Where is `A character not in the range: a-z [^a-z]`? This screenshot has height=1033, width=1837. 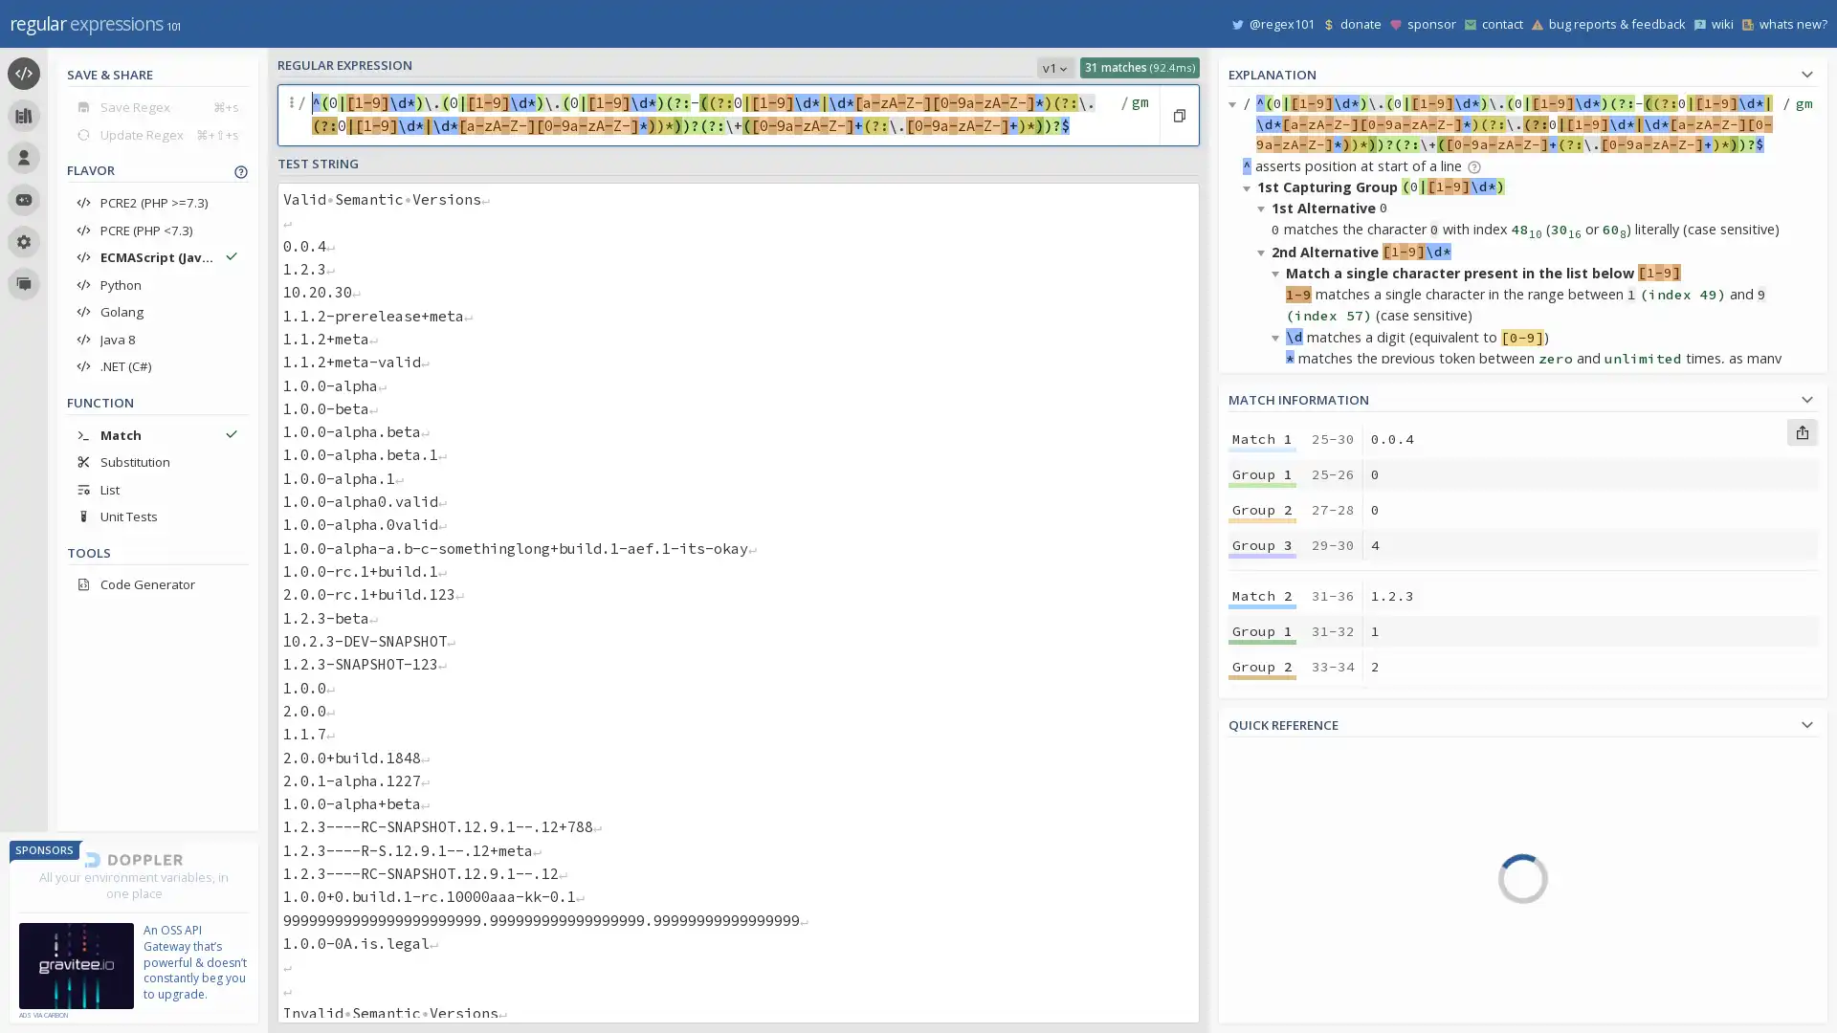
A character not in the range: a-z [^a-z] is located at coordinates (1618, 838).